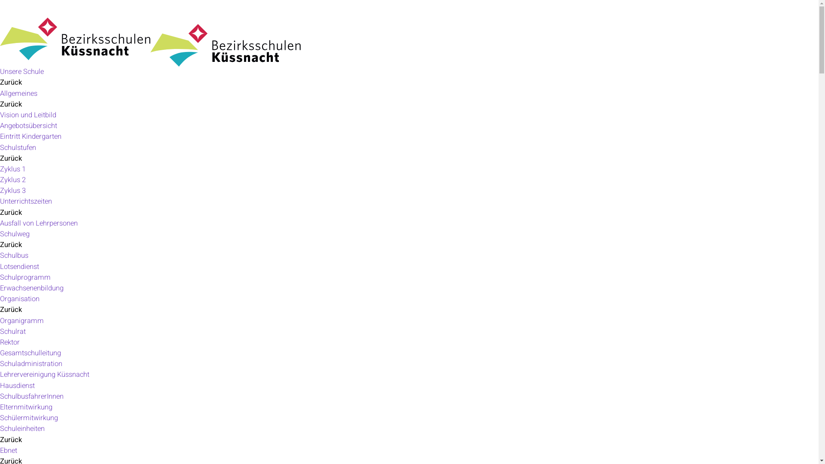 This screenshot has height=464, width=825. What do you see at coordinates (10, 342) in the screenshot?
I see `'Rektor'` at bounding box center [10, 342].